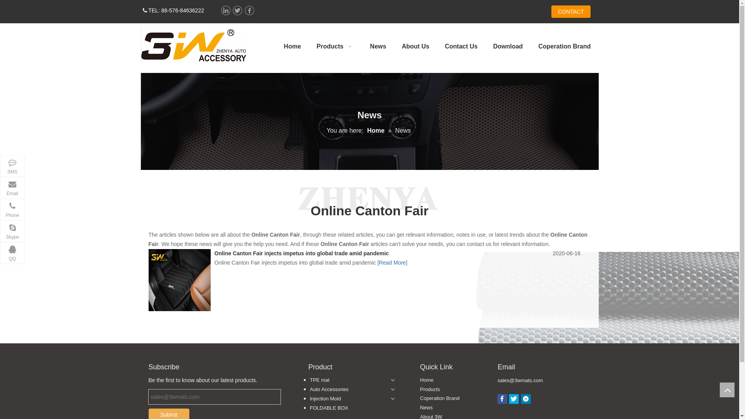  What do you see at coordinates (12, 166) in the screenshot?
I see `'SMS'` at bounding box center [12, 166].